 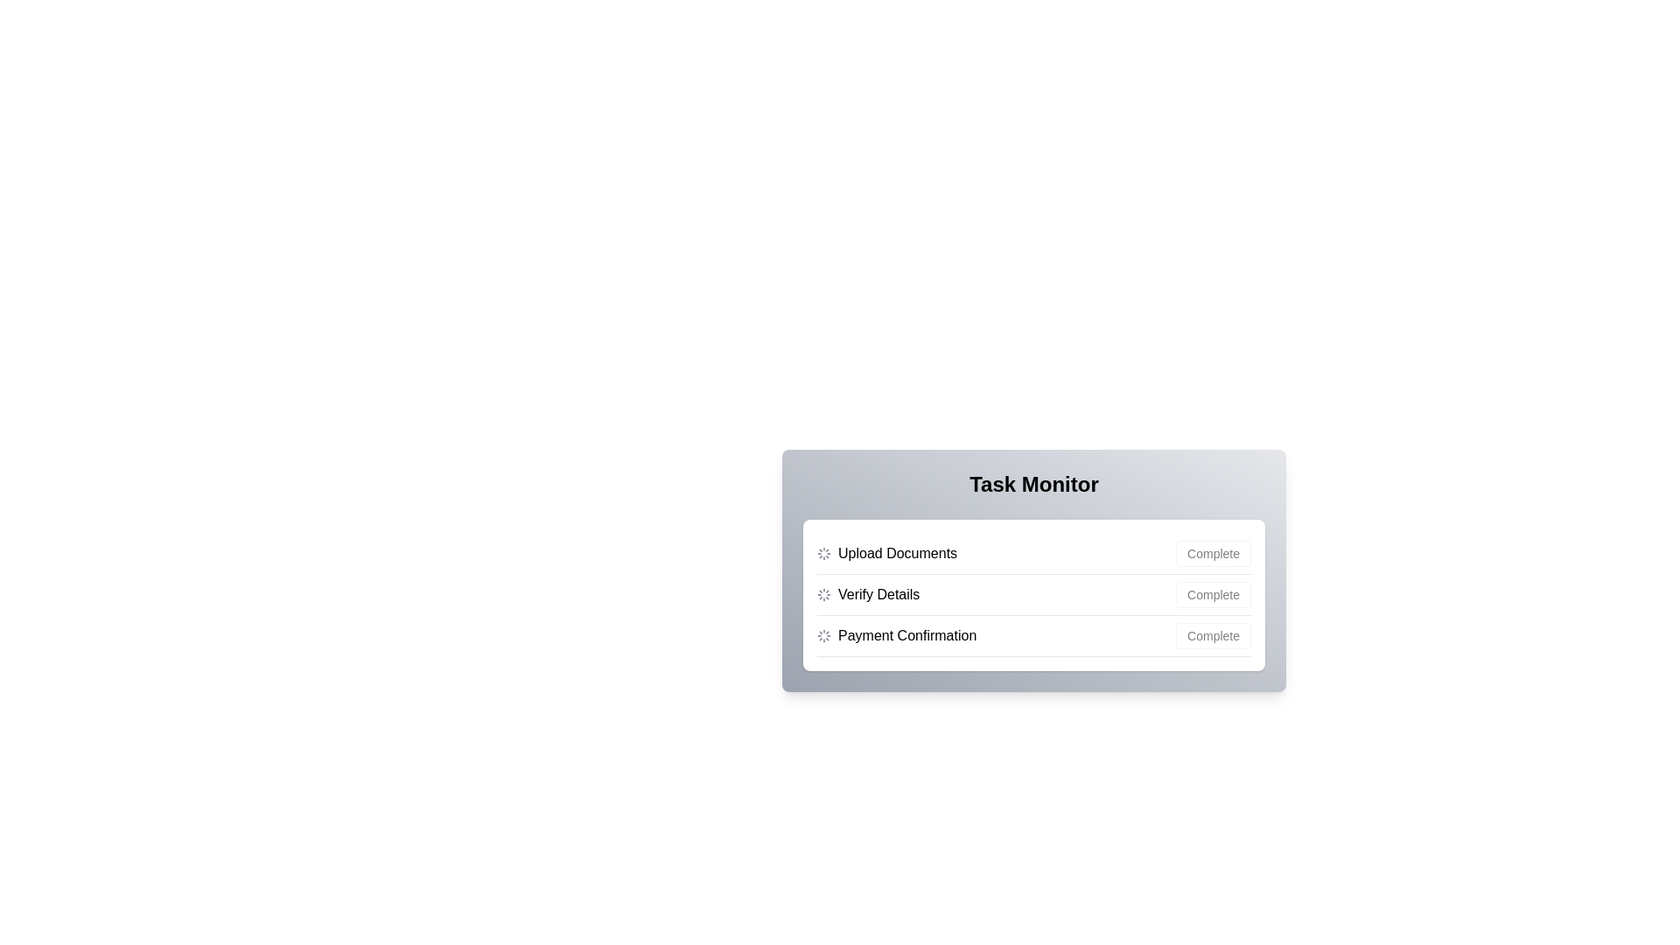 What do you see at coordinates (897, 635) in the screenshot?
I see `the loading indicator of the 'Payment Confirmation' label to understand the task progress` at bounding box center [897, 635].